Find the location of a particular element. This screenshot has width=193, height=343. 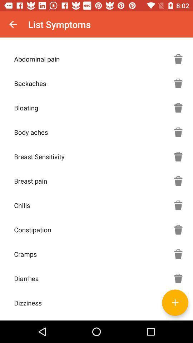

remove symptom is located at coordinates (178, 254).